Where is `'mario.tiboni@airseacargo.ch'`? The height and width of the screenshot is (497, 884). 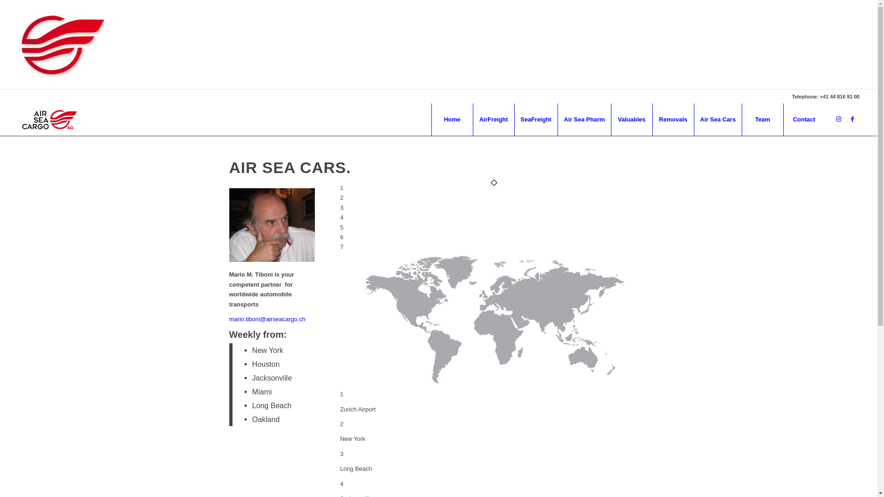
'mario.tiboni@airseacargo.ch' is located at coordinates (267, 318).